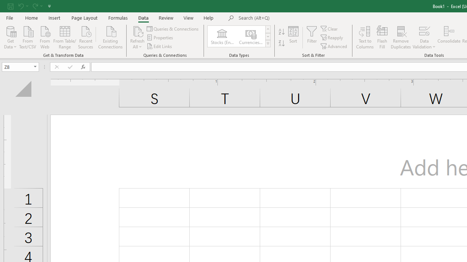 This screenshot has width=467, height=262. I want to click on 'Consolidate...', so click(448, 37).